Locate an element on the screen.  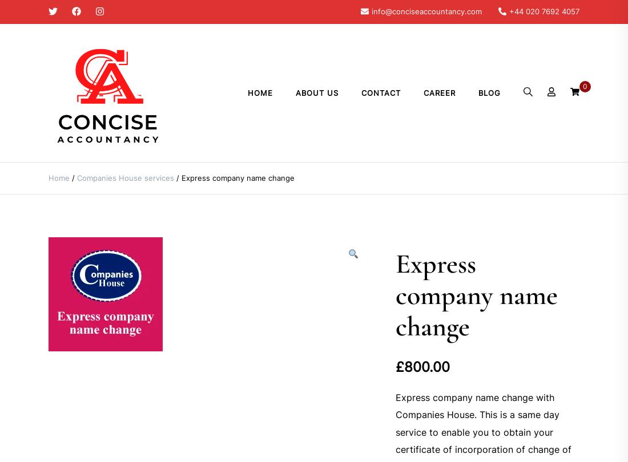
'/ Express company name change' is located at coordinates (234, 177).